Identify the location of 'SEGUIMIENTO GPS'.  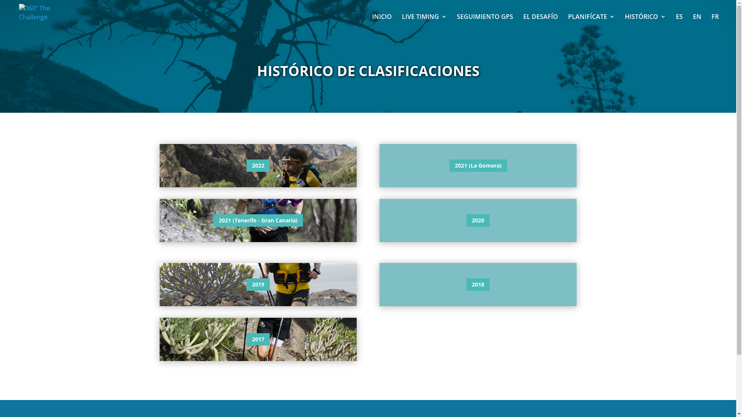
(484, 23).